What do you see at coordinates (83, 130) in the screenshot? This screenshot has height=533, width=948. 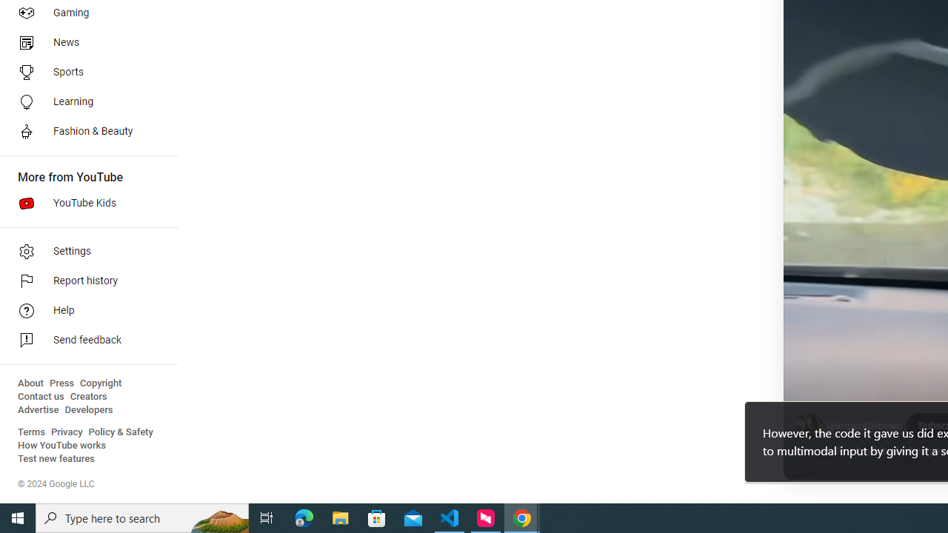 I see `'Fashion & Beauty'` at bounding box center [83, 130].